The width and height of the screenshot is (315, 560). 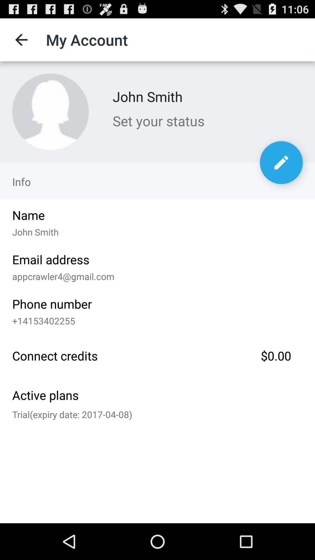 I want to click on remark, so click(x=281, y=162).